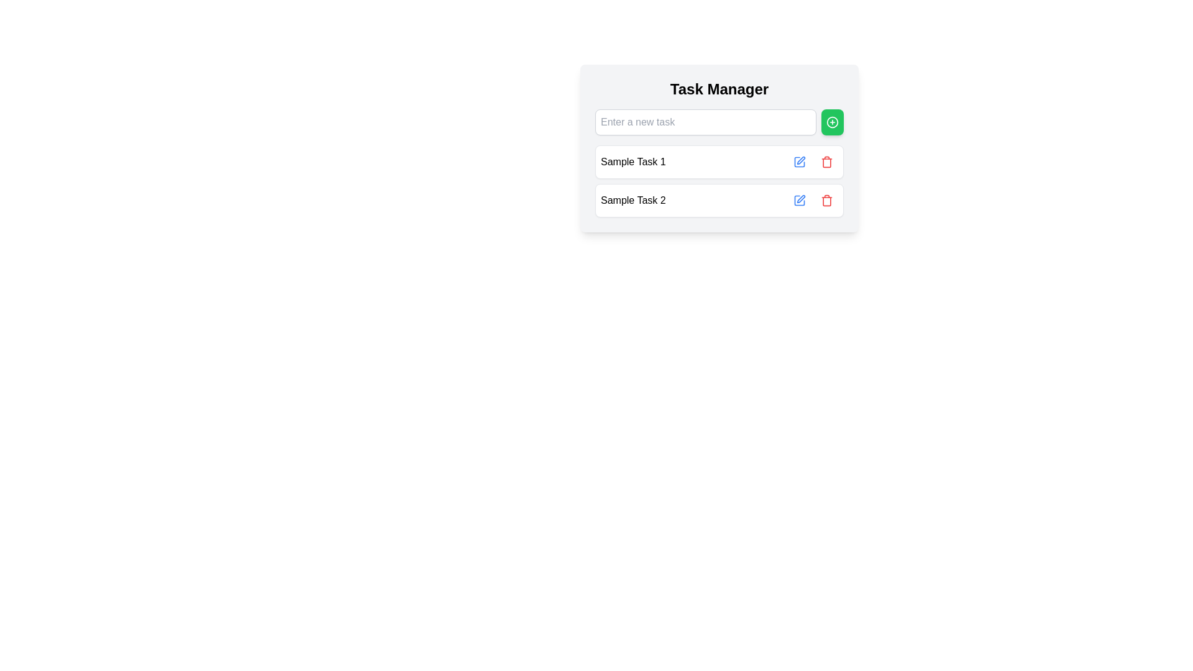  What do you see at coordinates (801, 198) in the screenshot?
I see `the pen icon button in the task management interface` at bounding box center [801, 198].